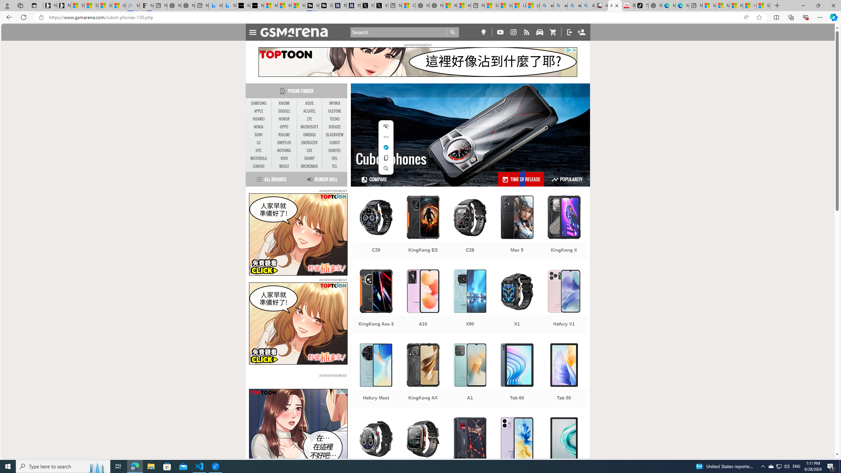 Image resolution: width=841 pixels, height=473 pixels. I want to click on 'DOOGEE', so click(334, 127).